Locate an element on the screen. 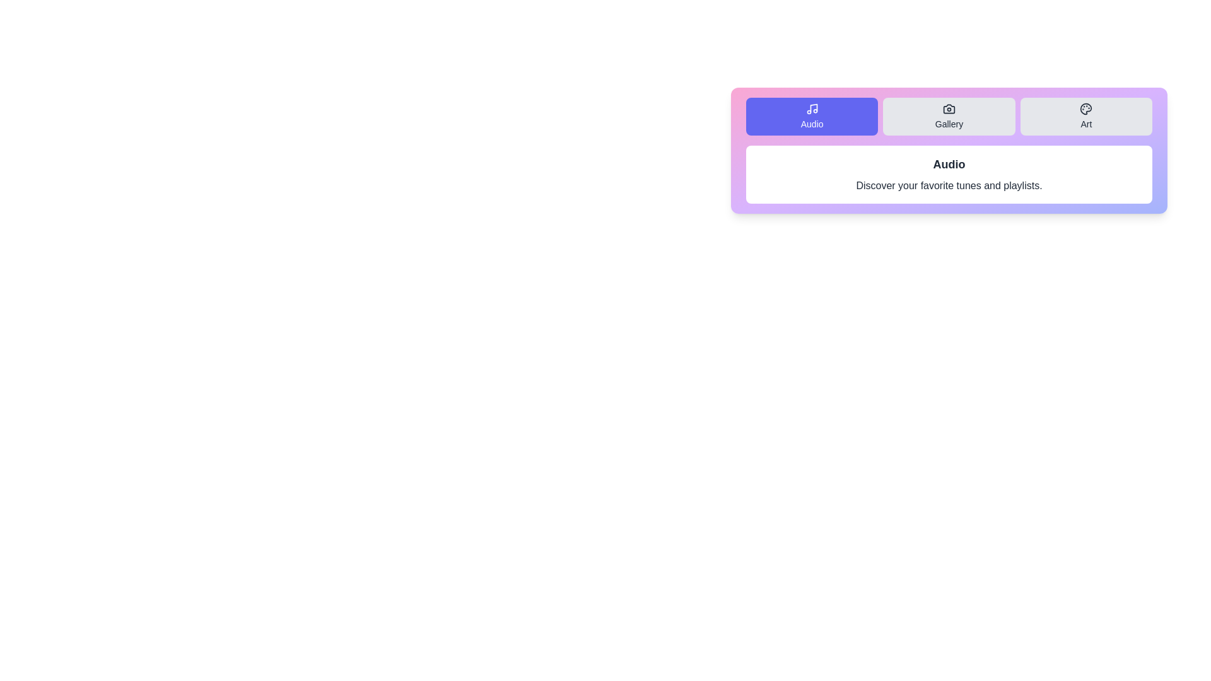 This screenshot has width=1211, height=681. the content area of the active tab and extract the displayed text is located at coordinates (949, 175).